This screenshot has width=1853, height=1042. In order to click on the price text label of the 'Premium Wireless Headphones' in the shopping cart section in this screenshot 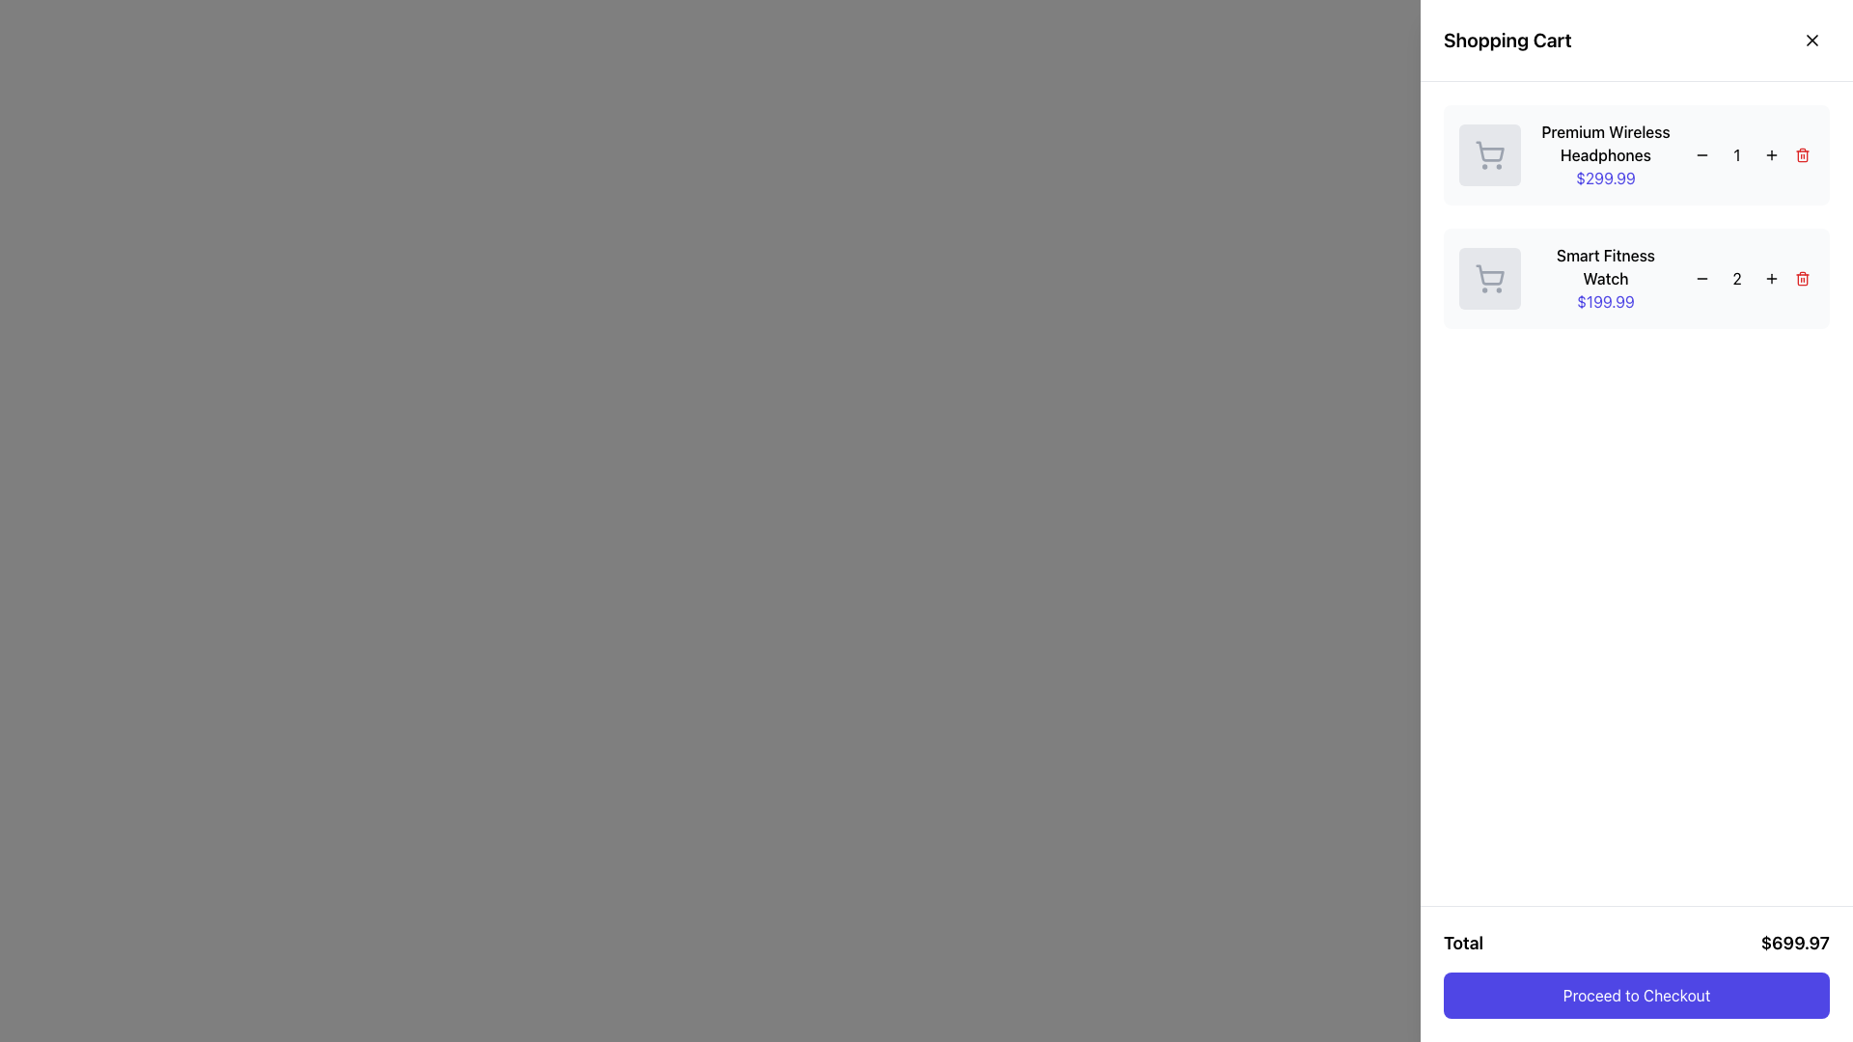, I will do `click(1606, 178)`.